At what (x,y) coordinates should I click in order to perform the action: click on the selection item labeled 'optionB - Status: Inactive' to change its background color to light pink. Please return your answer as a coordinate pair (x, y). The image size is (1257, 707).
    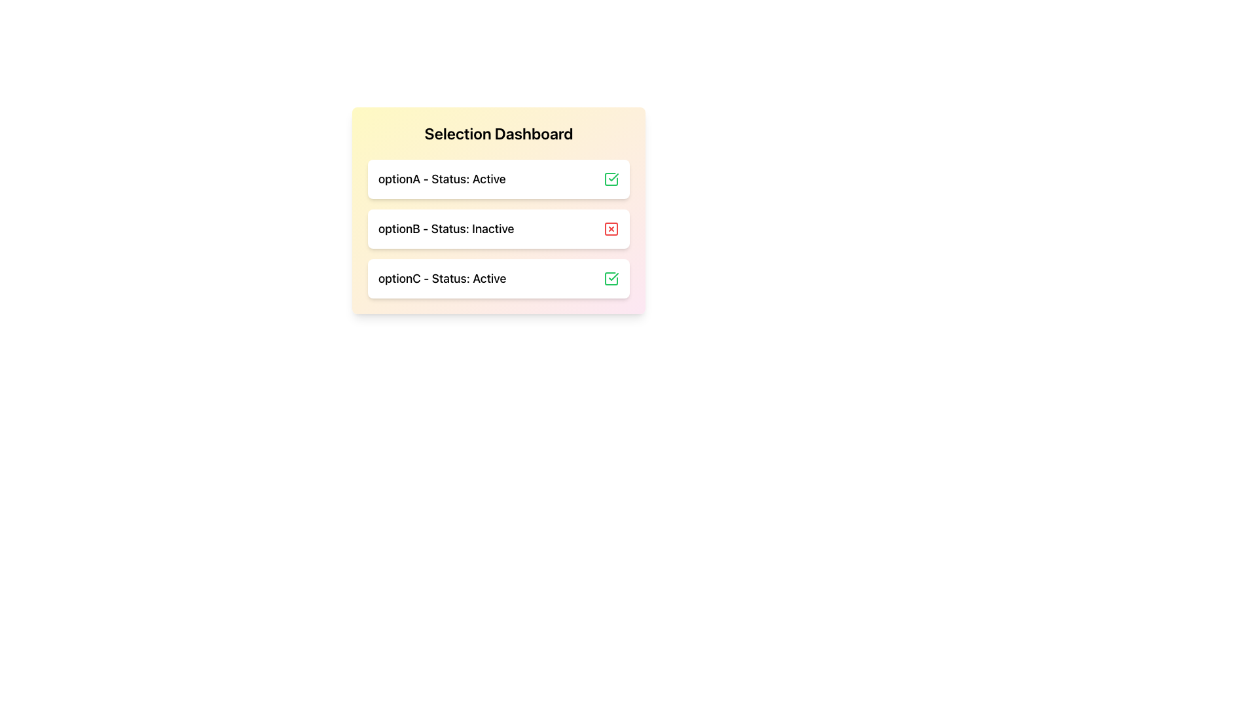
    Looking at the image, I should click on (498, 228).